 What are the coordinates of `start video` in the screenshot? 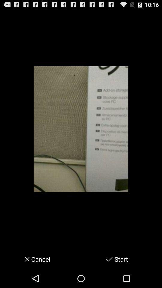 It's located at (109, 259).